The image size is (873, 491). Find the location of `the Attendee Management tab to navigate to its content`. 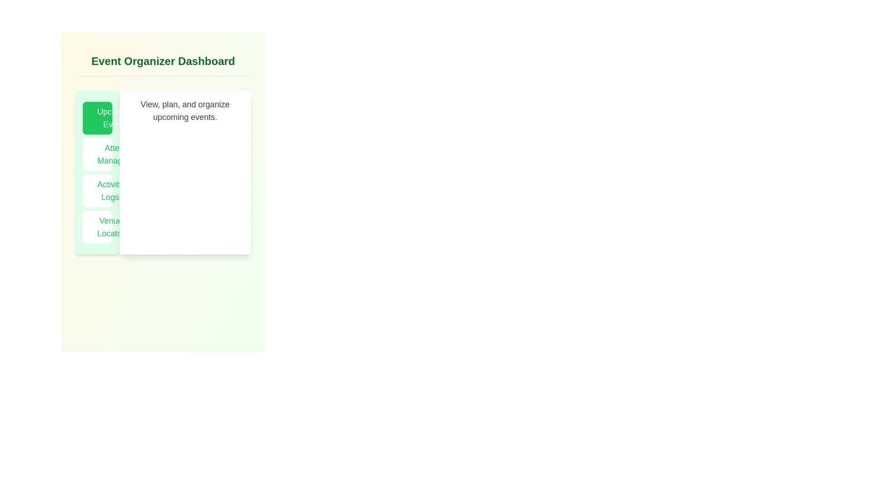

the Attendee Management tab to navigate to its content is located at coordinates (97, 154).